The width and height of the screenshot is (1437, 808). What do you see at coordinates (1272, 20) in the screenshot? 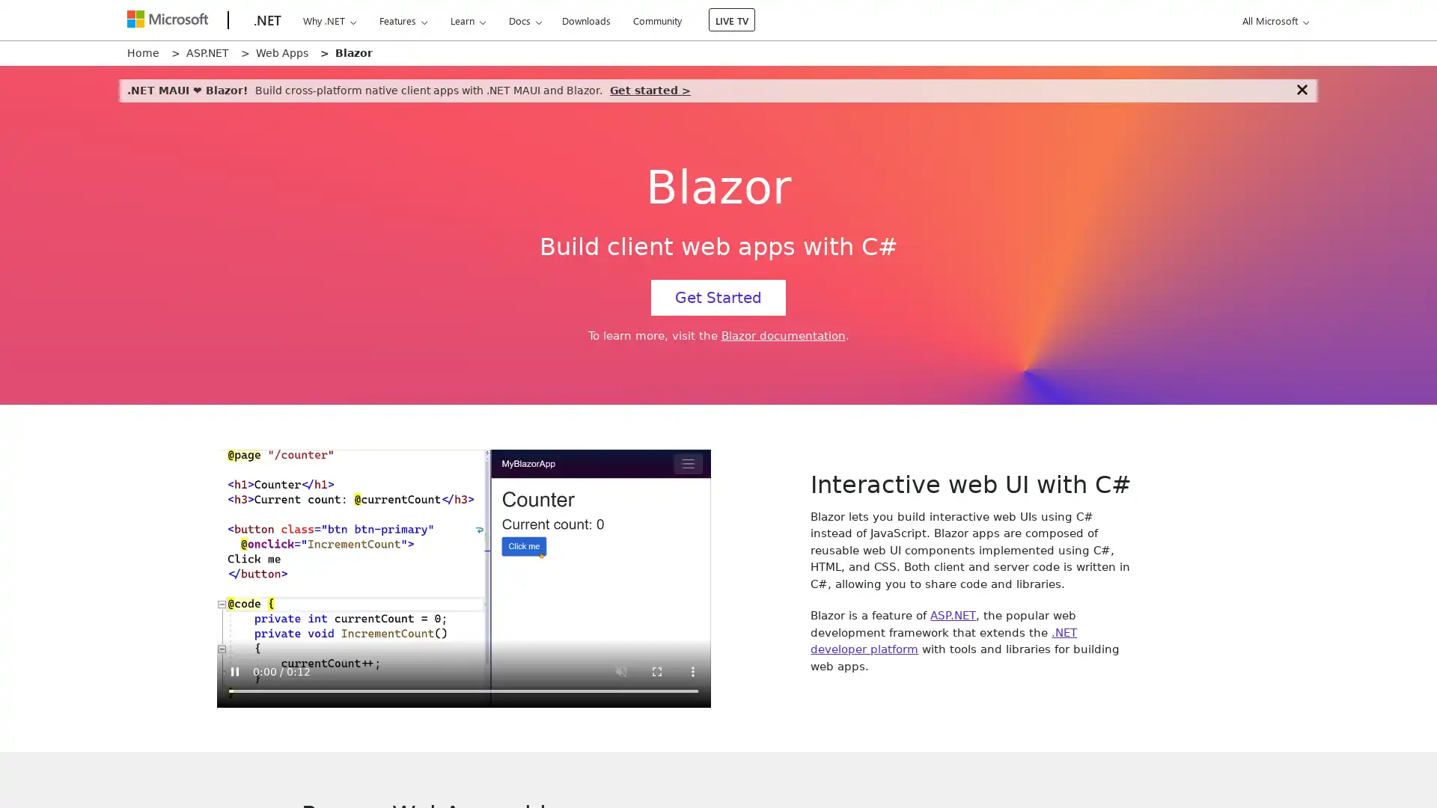
I see `All Microsoft expand to see list of Microsoft products and services` at bounding box center [1272, 20].